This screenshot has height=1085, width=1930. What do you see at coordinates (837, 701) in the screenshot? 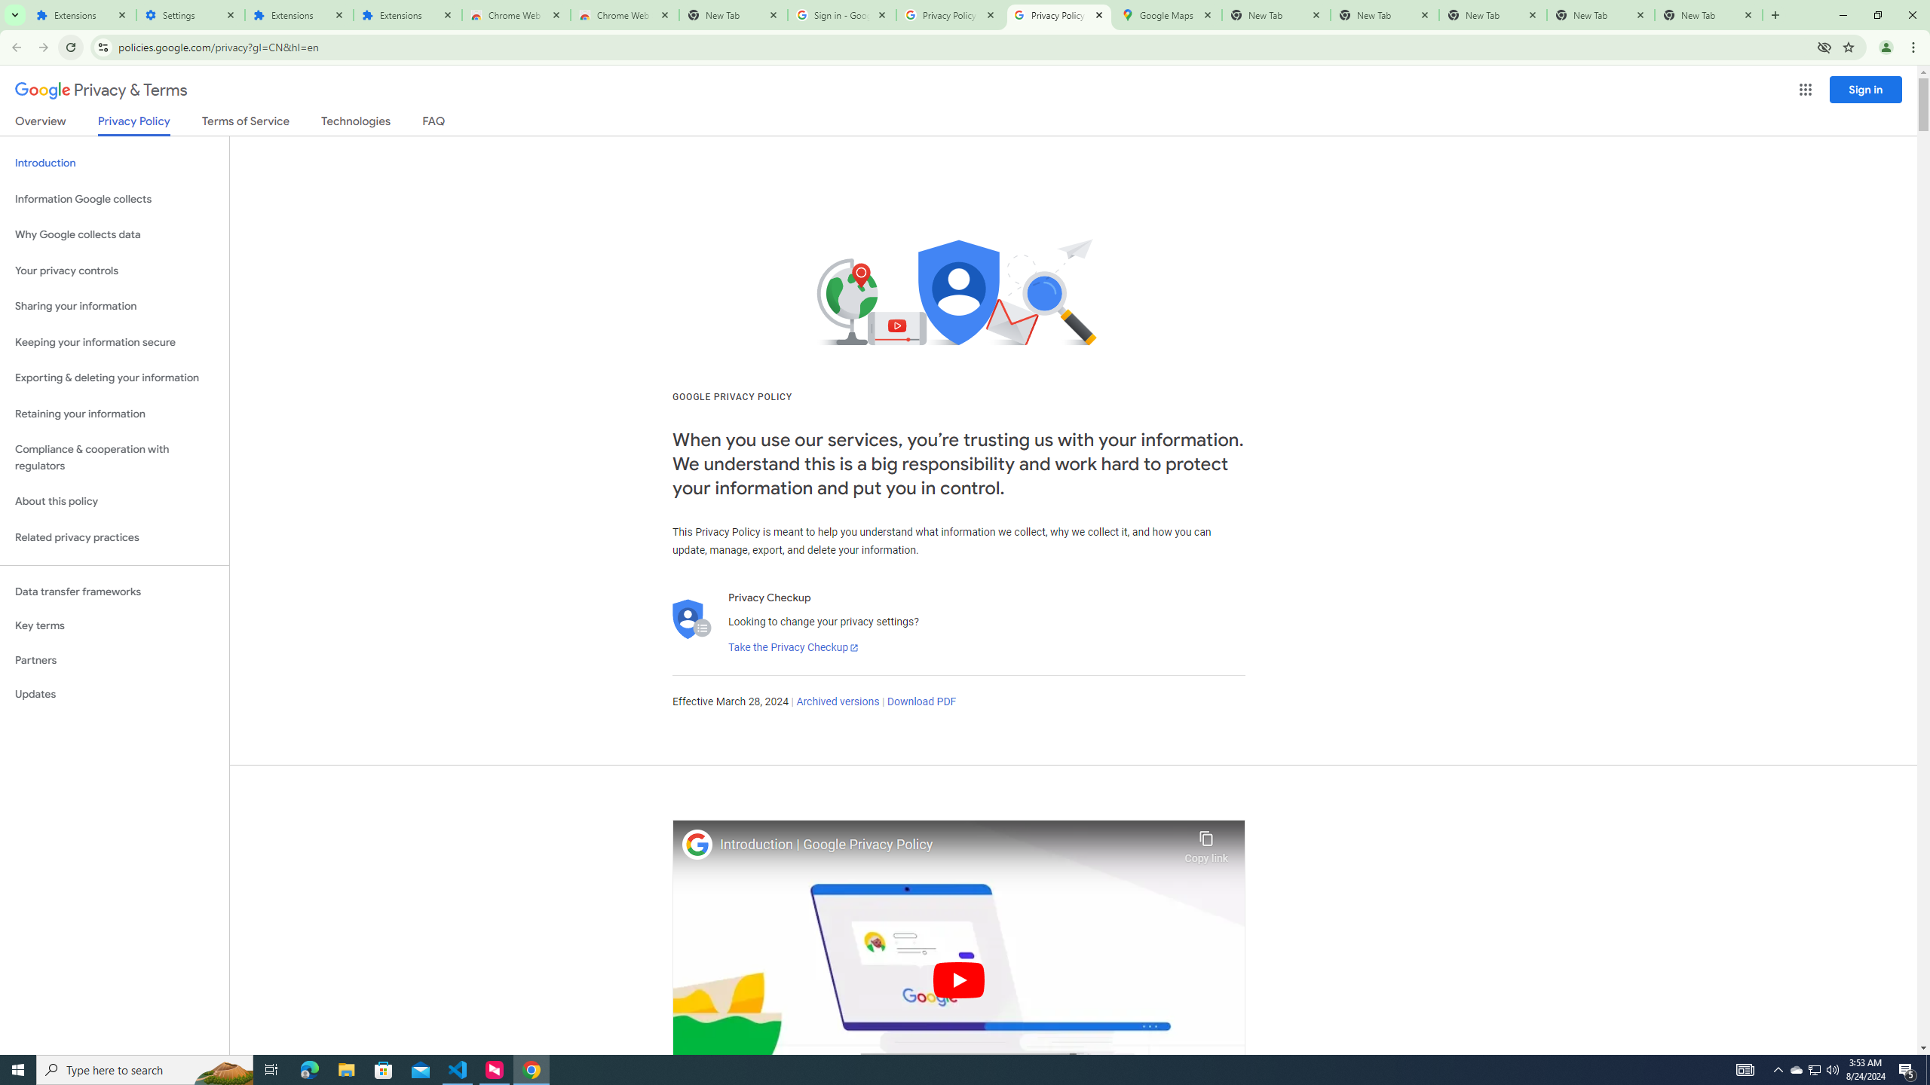
I see `'Archived versions'` at bounding box center [837, 701].